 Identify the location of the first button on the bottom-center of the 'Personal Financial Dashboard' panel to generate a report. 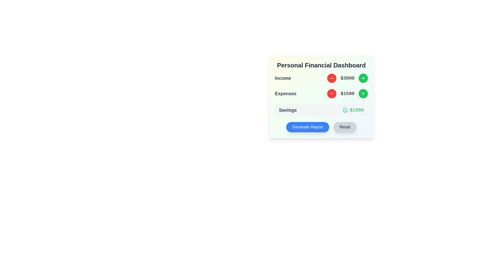
(308, 127).